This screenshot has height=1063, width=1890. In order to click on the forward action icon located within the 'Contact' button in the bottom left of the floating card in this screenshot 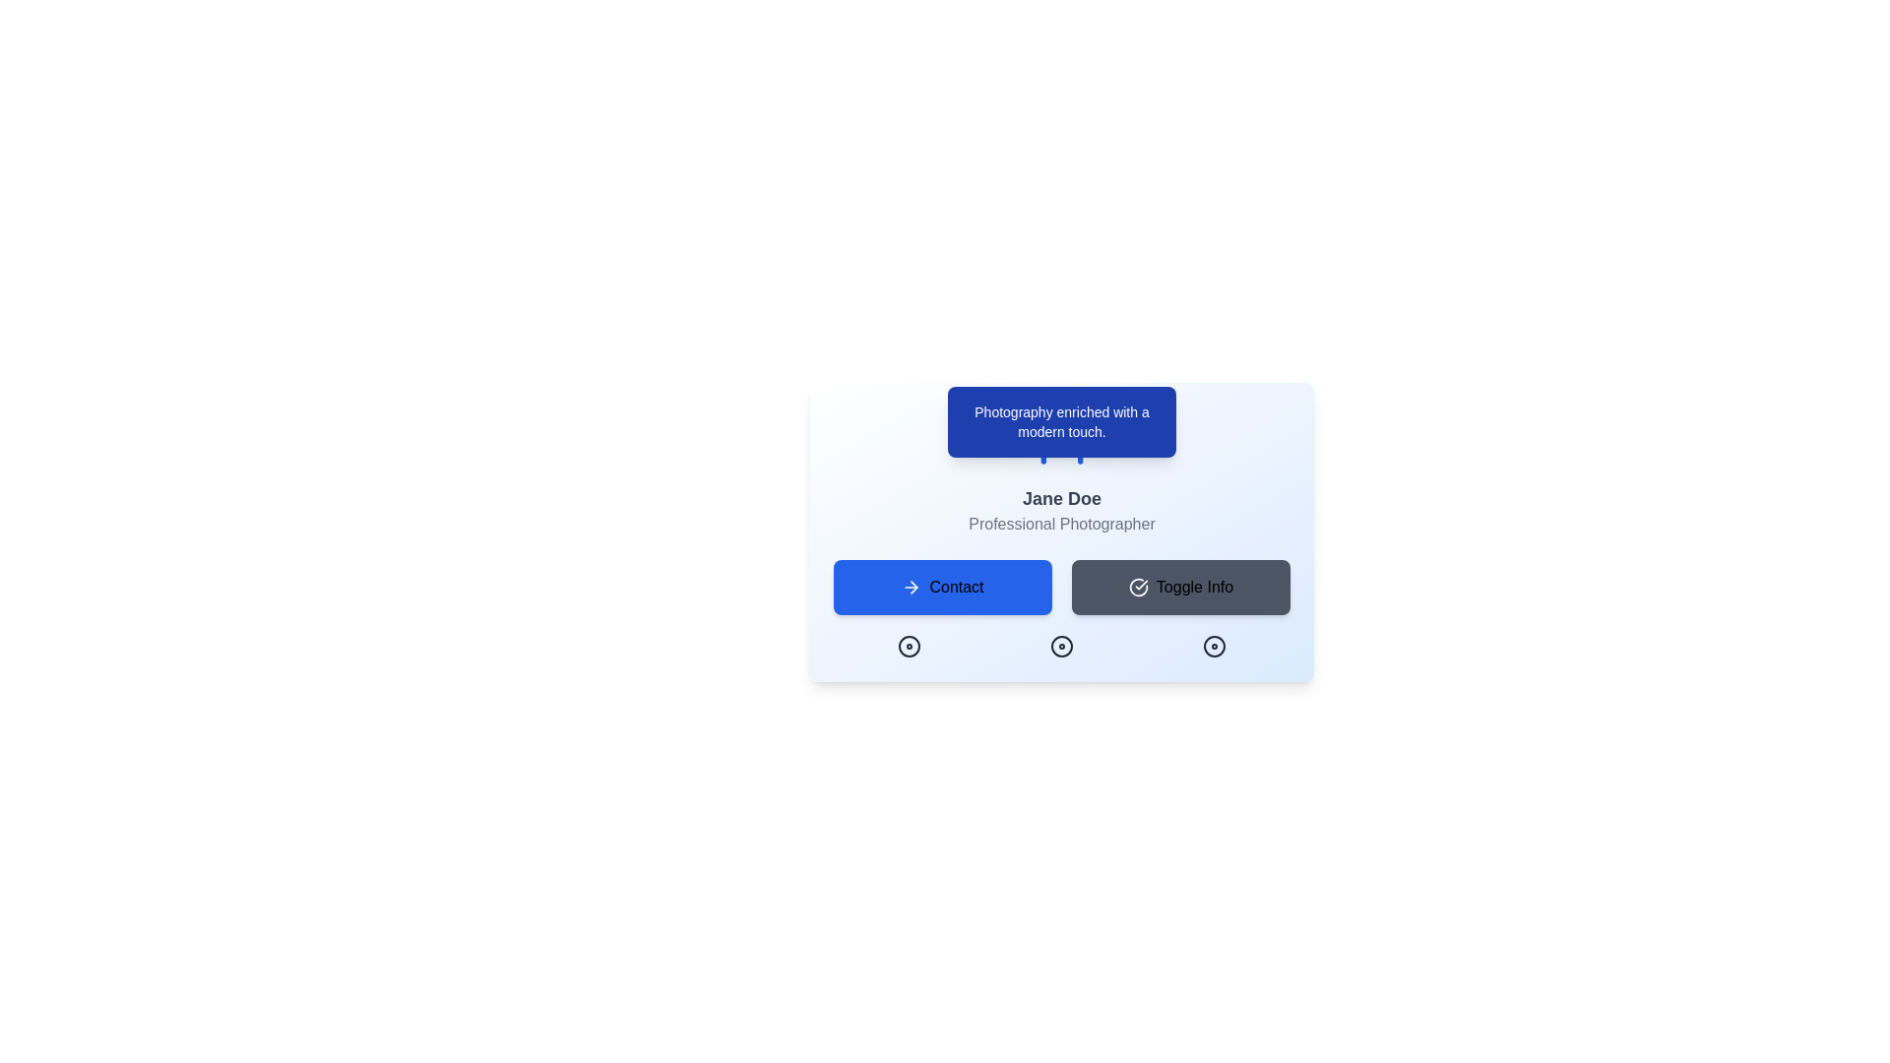, I will do `click(913, 587)`.